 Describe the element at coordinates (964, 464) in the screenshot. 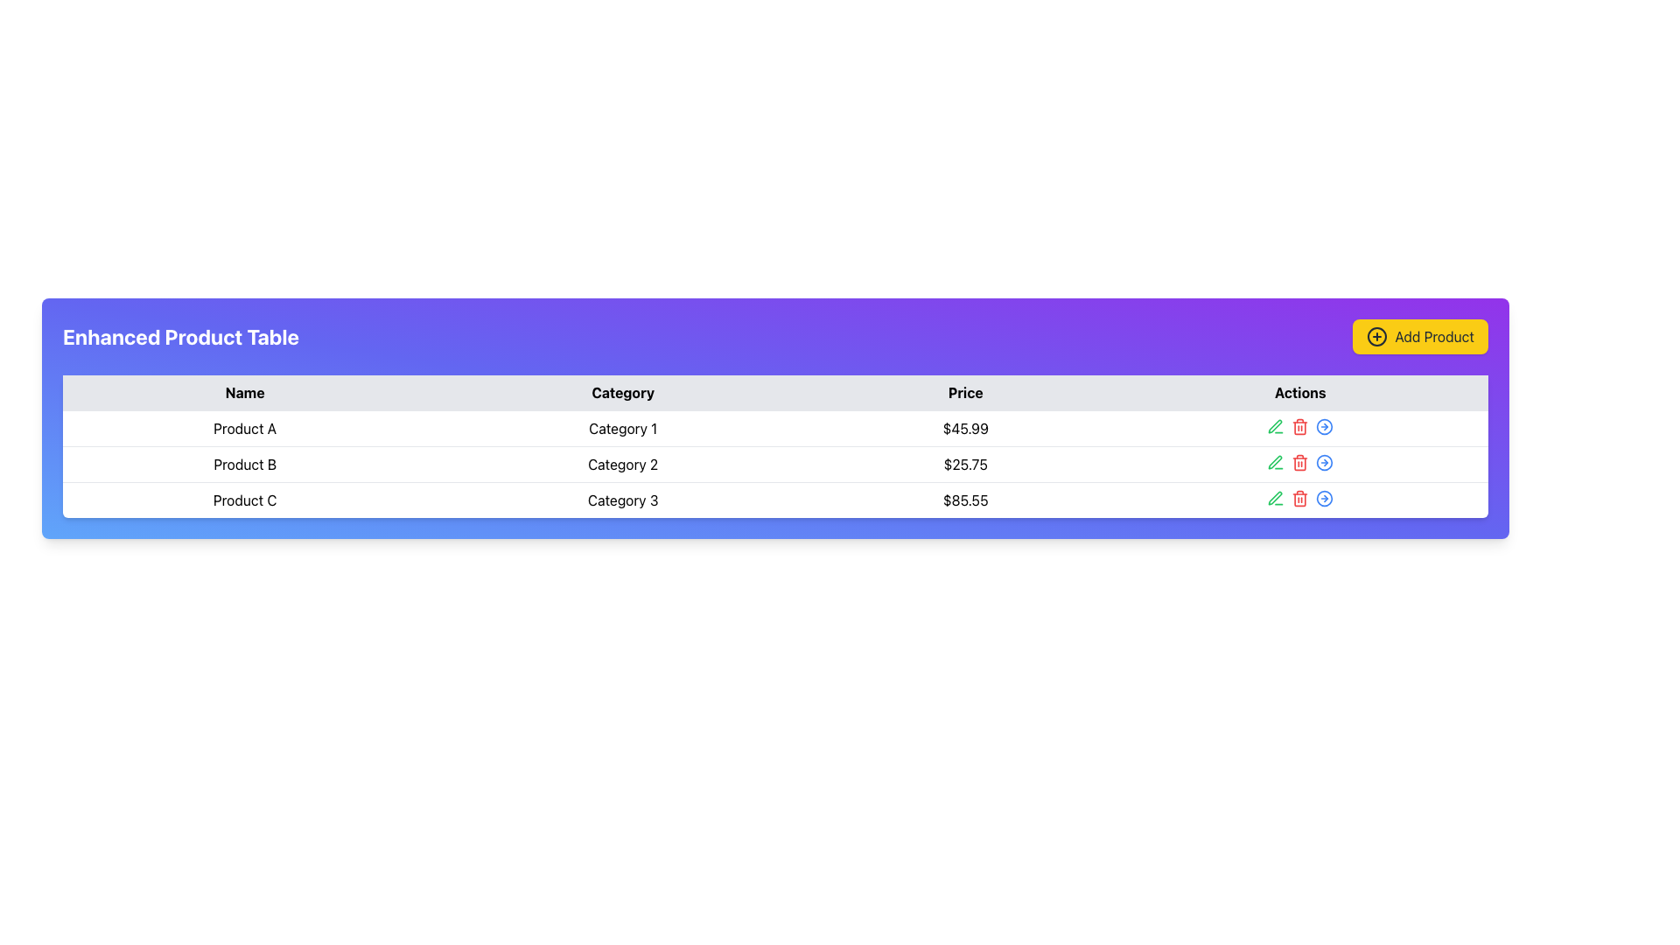

I see `displayed price value of '$25.75' from the bold text label located in the 'Price' column of the 'Product B' row in the table` at that location.